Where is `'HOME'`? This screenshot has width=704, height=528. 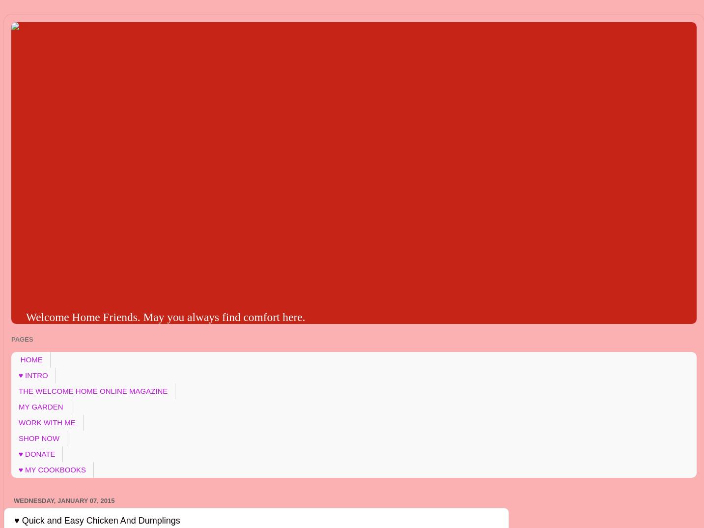
'HOME' is located at coordinates (30, 359).